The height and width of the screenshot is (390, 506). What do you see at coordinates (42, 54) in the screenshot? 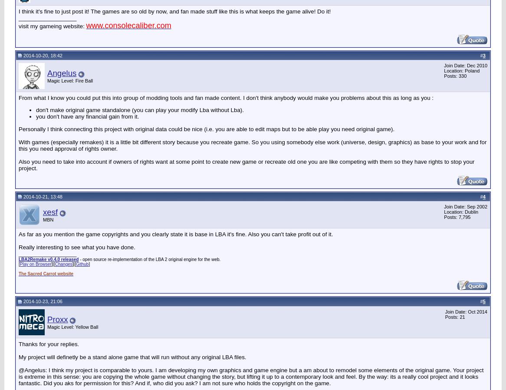
I see `'2014-10-20, 18:42'` at bounding box center [42, 54].